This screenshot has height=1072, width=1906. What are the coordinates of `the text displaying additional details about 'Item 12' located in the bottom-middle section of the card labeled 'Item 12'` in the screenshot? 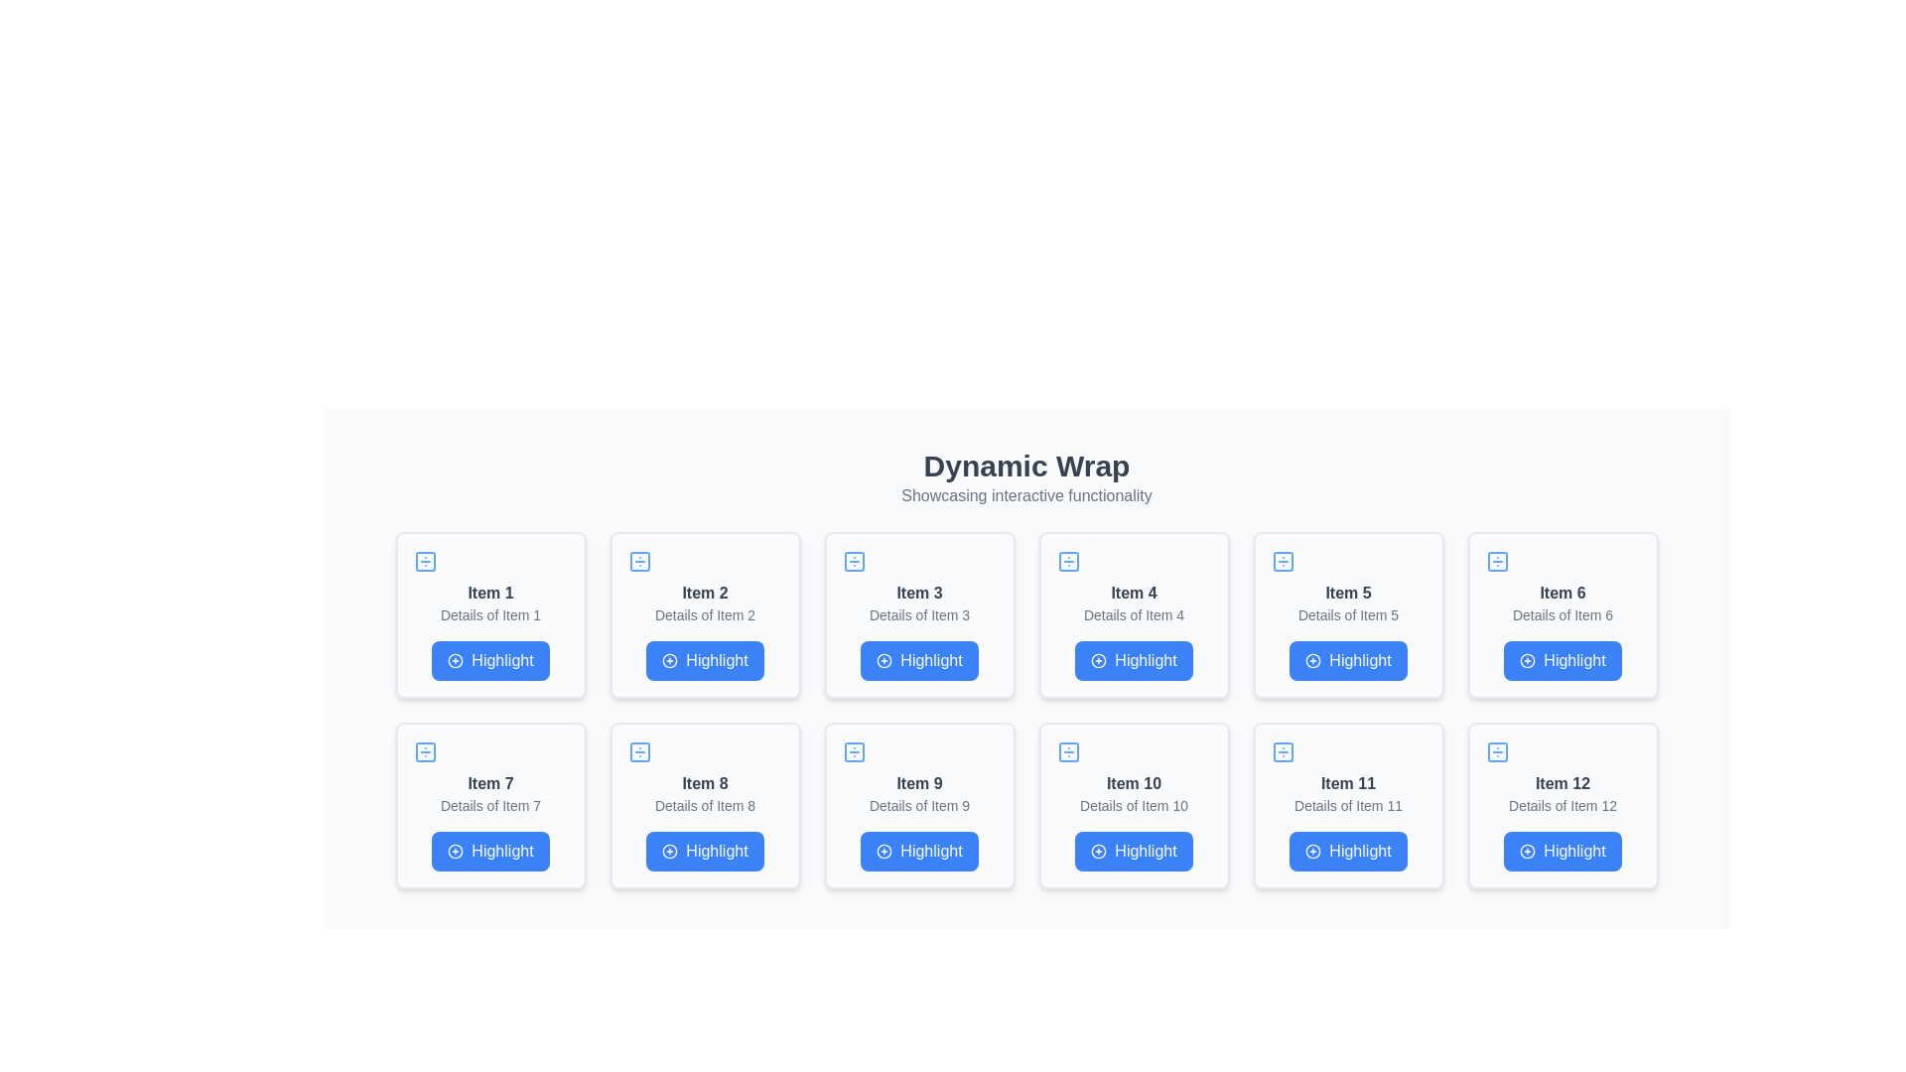 It's located at (1562, 806).